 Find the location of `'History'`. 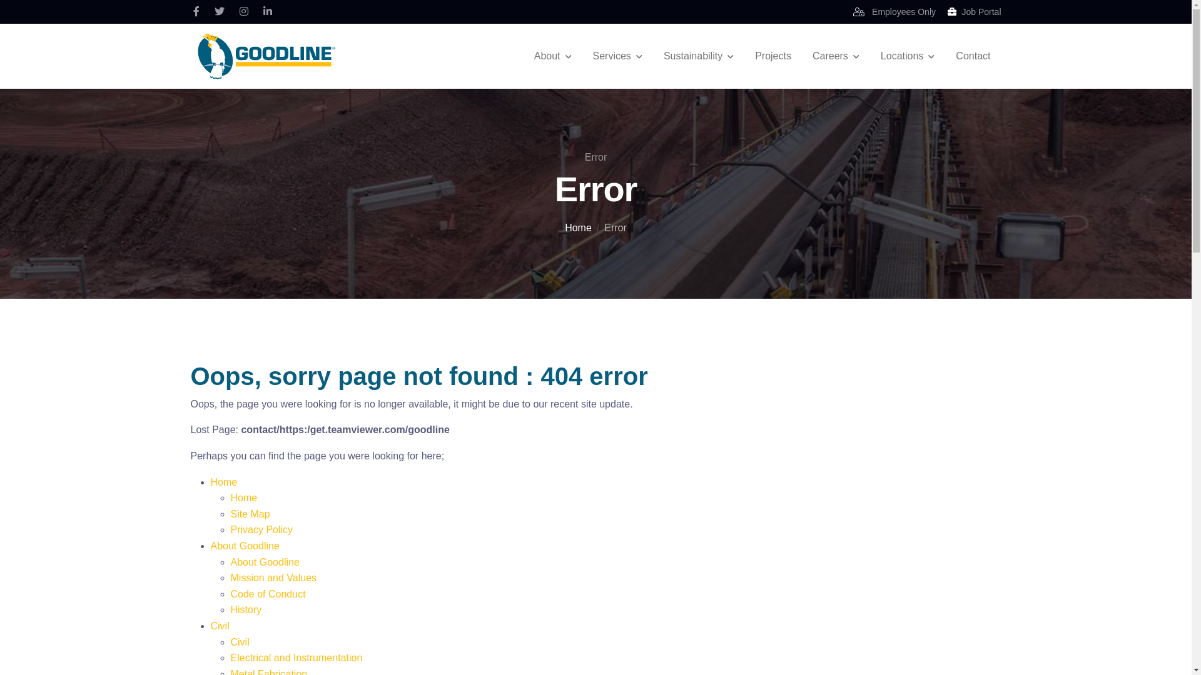

'History' is located at coordinates (246, 609).